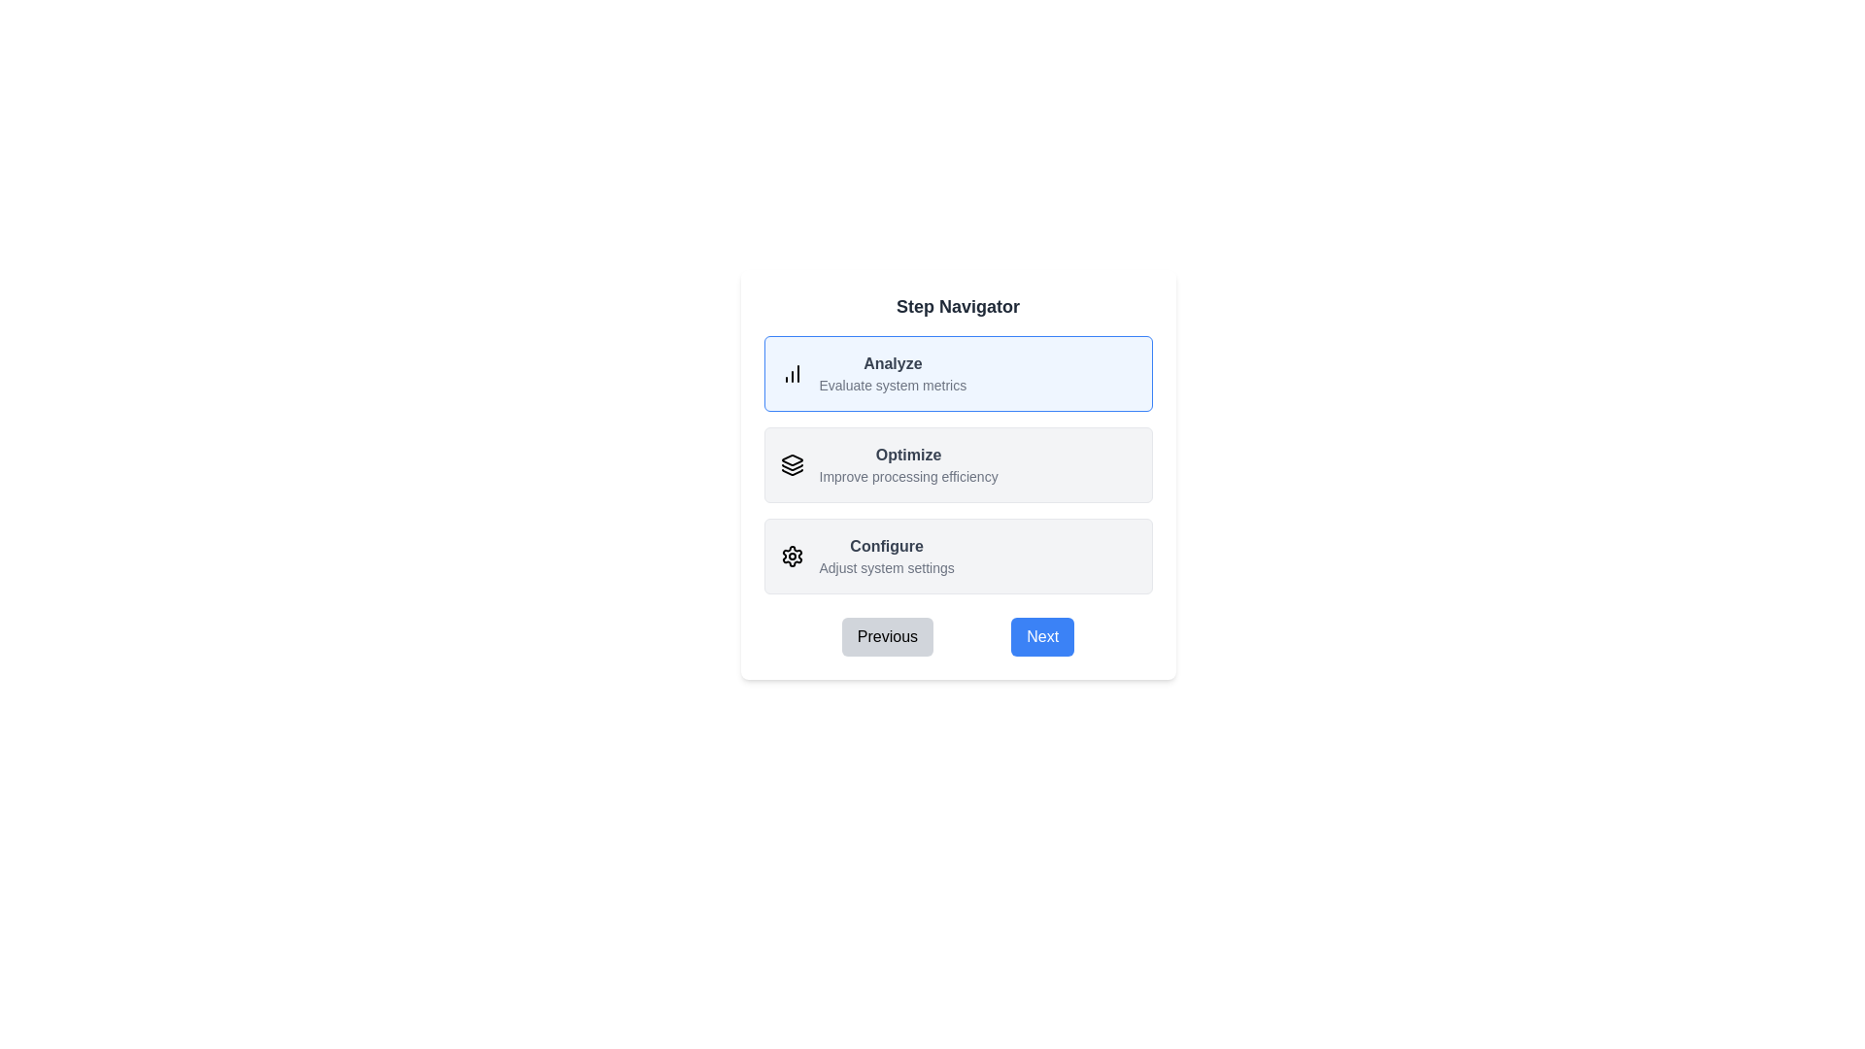  Describe the element at coordinates (958, 374) in the screenshot. I see `the topmost button labeled 'Analyze' with a light blue background` at that location.